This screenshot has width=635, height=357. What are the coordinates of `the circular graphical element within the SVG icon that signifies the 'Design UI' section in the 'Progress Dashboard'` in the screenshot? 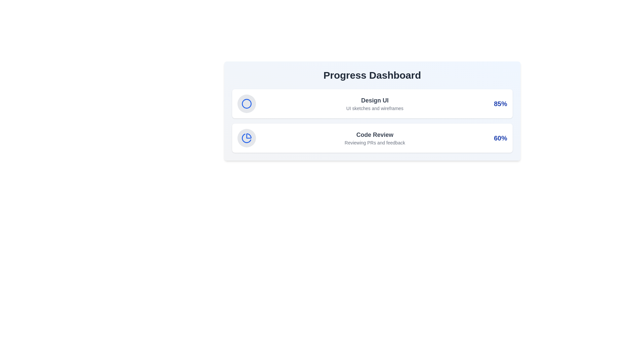 It's located at (246, 103).